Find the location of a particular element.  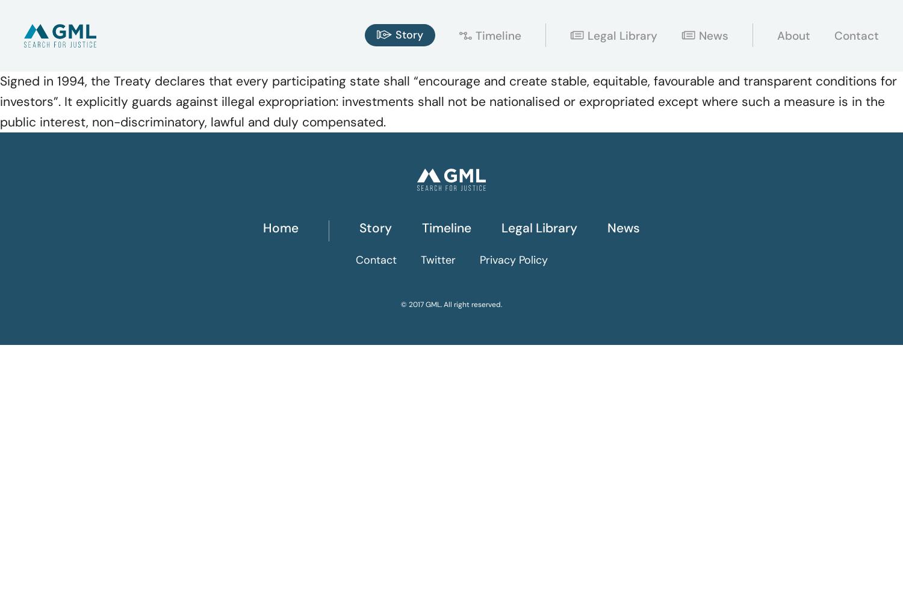

'About' is located at coordinates (793, 36).